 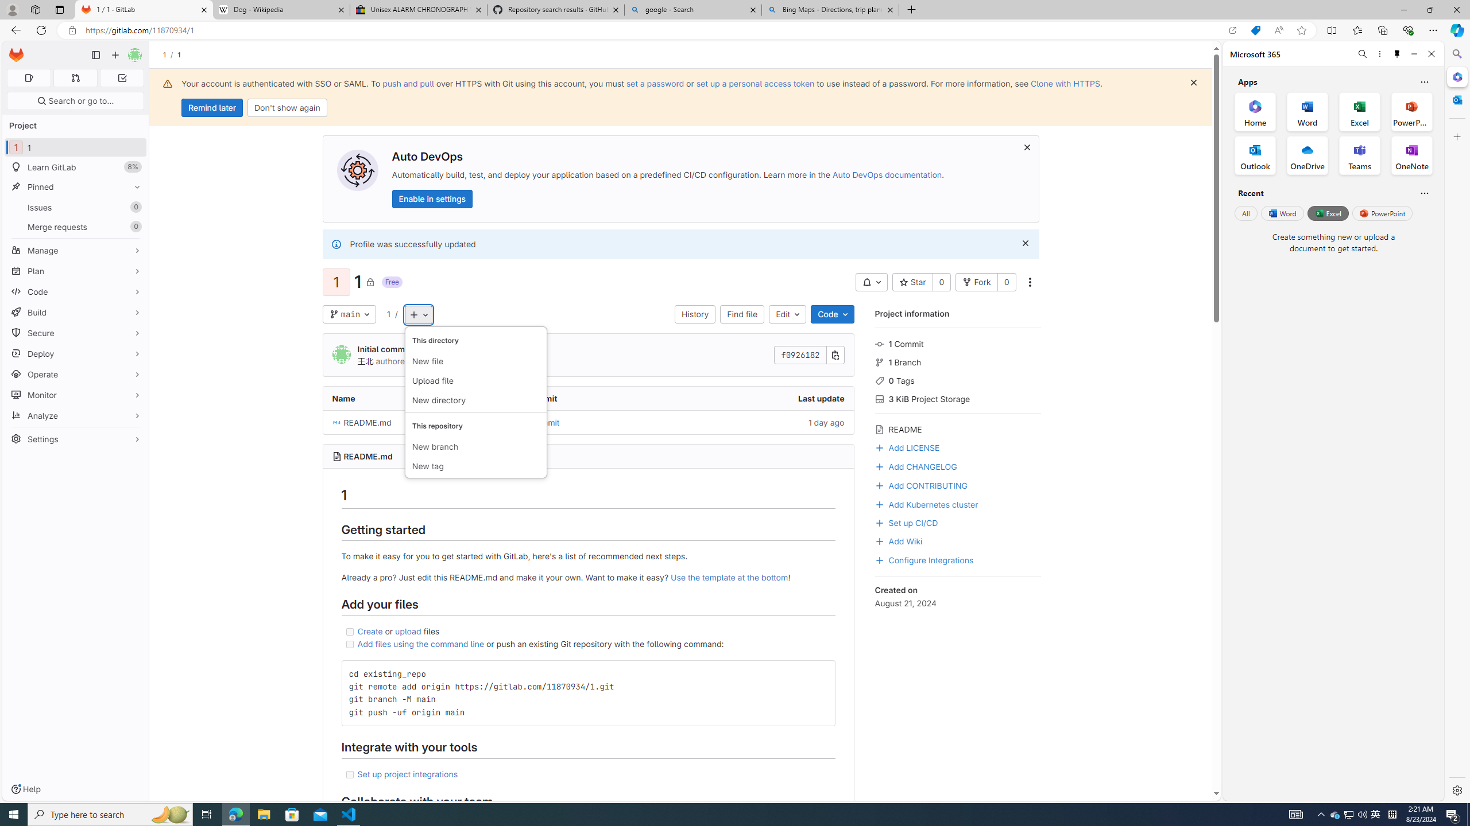 I want to click on 'Word', so click(x=1281, y=213).